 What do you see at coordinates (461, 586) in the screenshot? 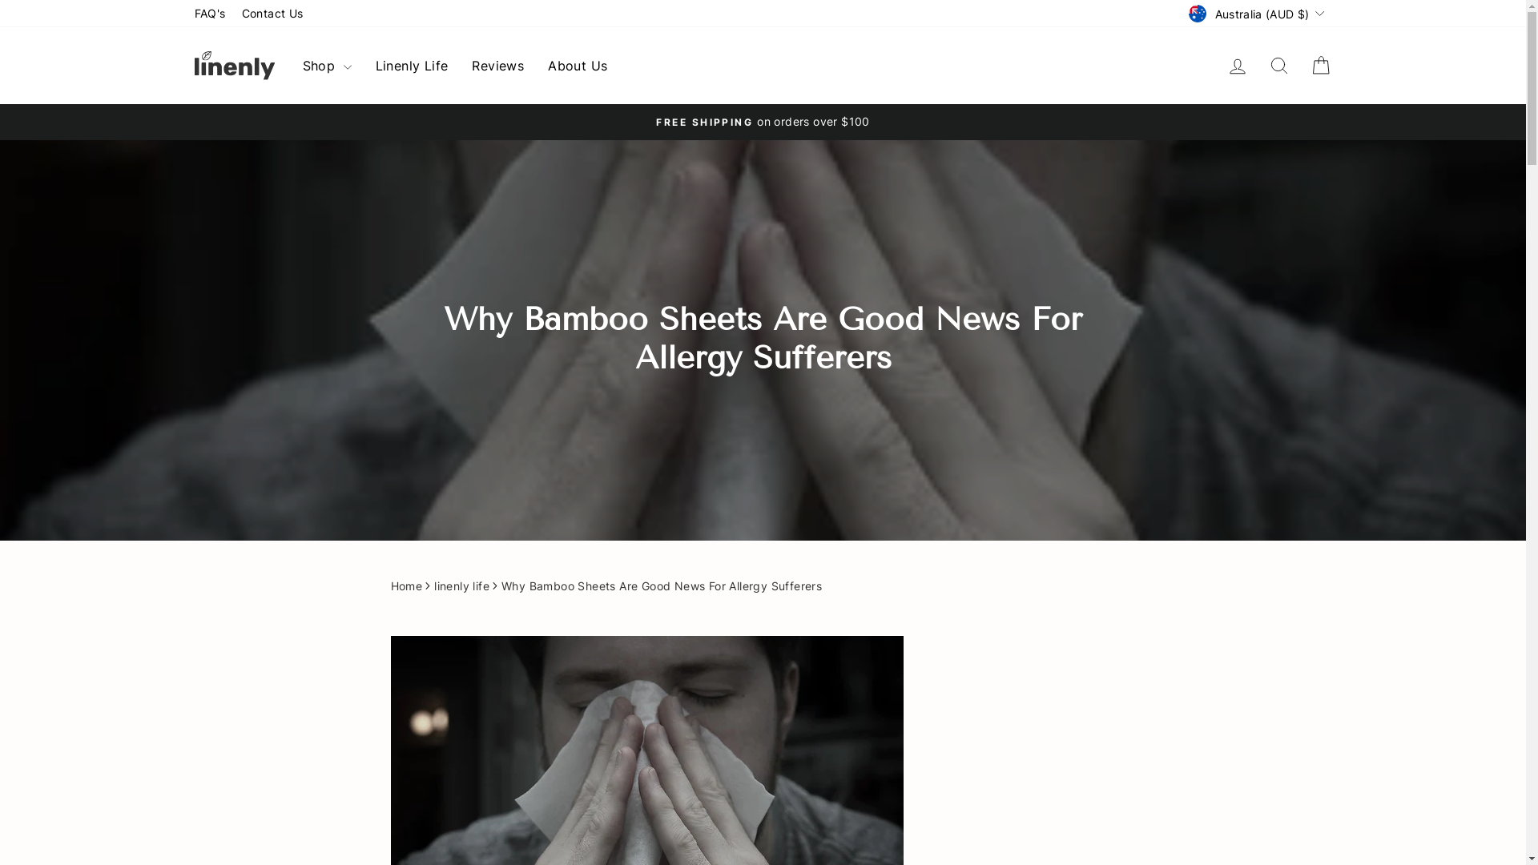
I see `'linenly life'` at bounding box center [461, 586].